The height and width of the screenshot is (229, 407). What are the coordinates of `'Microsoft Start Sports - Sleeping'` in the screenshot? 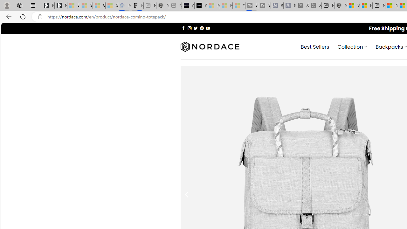 It's located at (213, 5).